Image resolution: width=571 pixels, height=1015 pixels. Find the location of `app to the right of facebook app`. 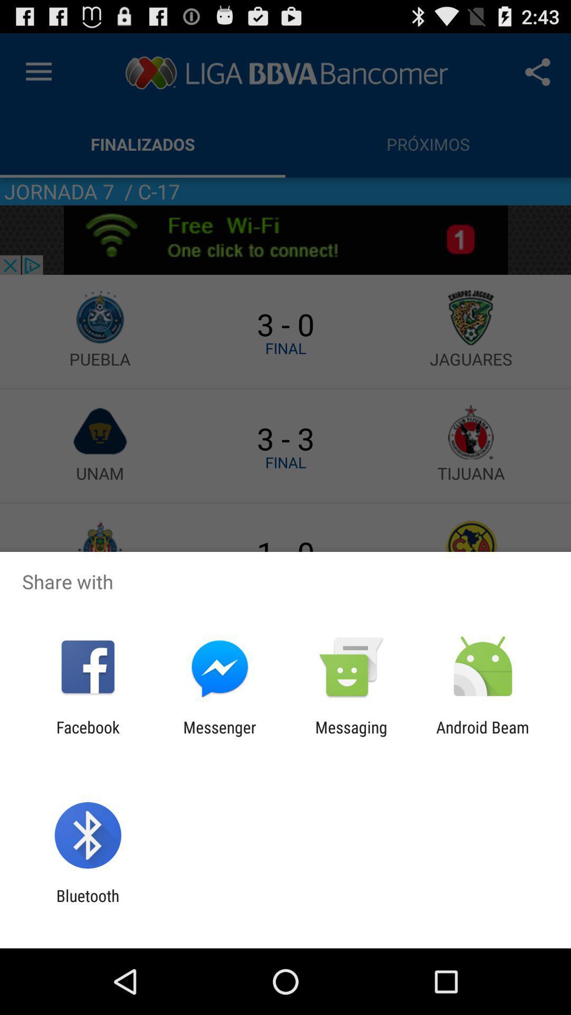

app to the right of facebook app is located at coordinates (219, 736).